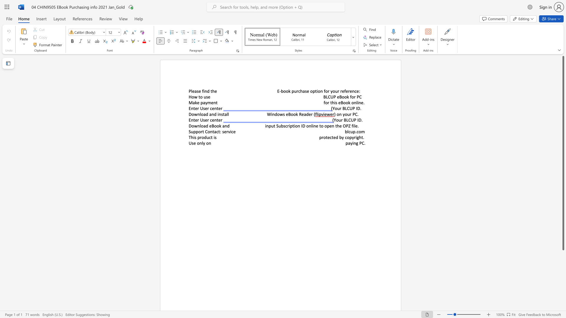  I want to click on the 1th character "-" in the text, so click(280, 91).